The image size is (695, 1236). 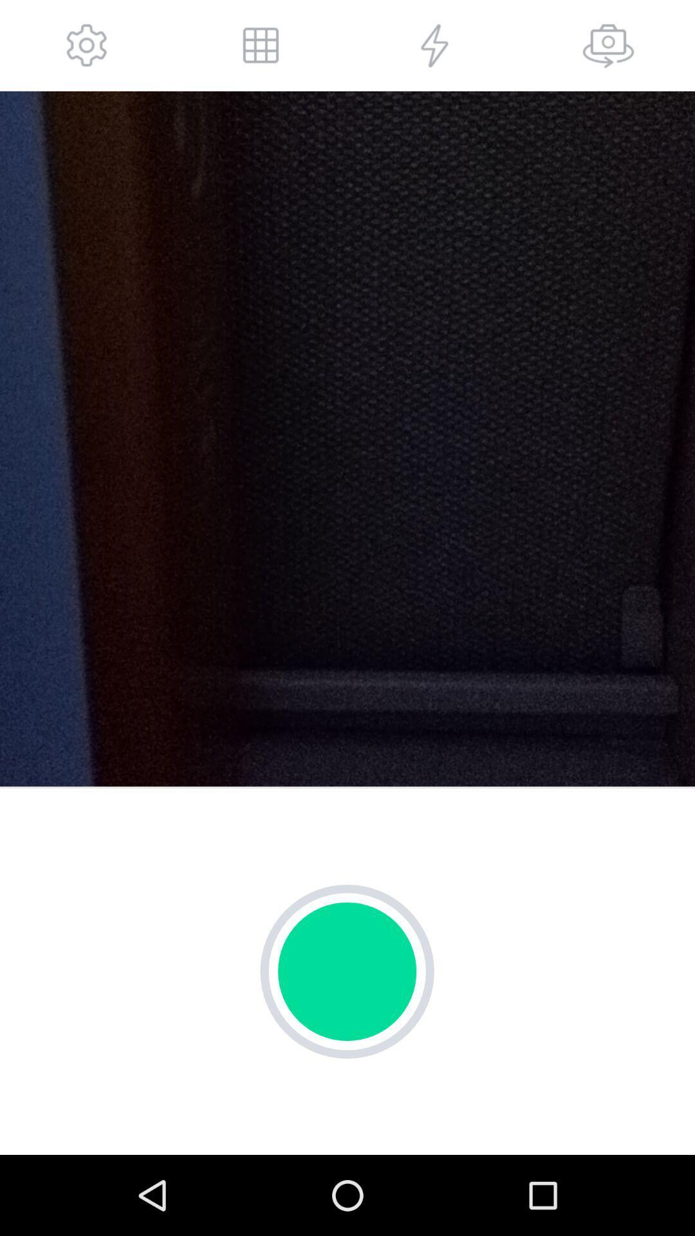 What do you see at coordinates (608, 45) in the screenshot?
I see `flip front cam` at bounding box center [608, 45].